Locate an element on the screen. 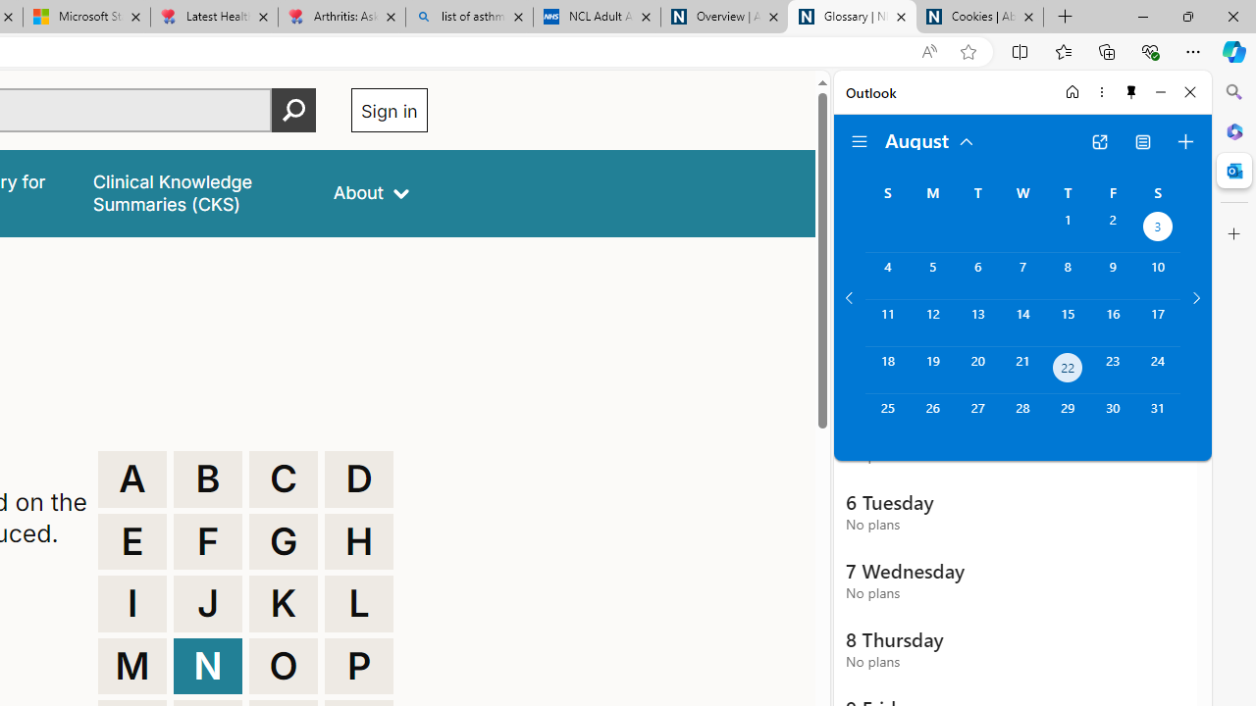 This screenshot has height=706, width=1256. 'O' is located at coordinates (283, 665).